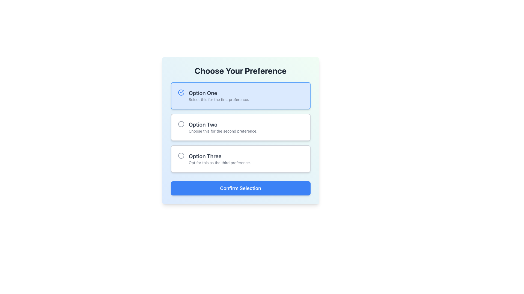 Image resolution: width=524 pixels, height=294 pixels. I want to click on the text label that reads 'Select this for the first preference.', which is located beneath the bold text 'Option One' in the first selectable option card, so click(219, 100).